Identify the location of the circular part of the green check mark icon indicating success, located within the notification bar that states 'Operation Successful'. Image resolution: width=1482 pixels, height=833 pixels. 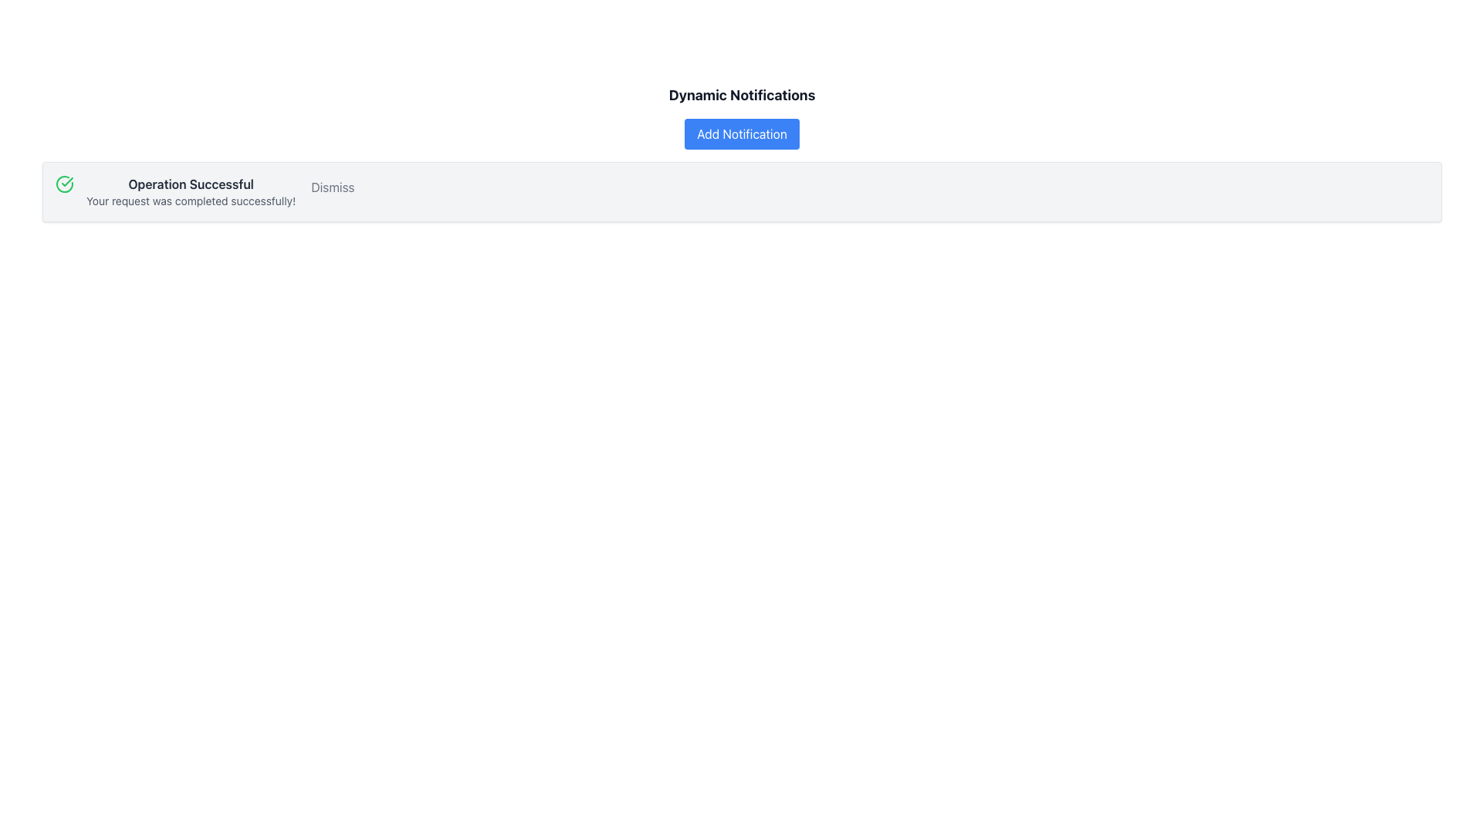
(63, 184).